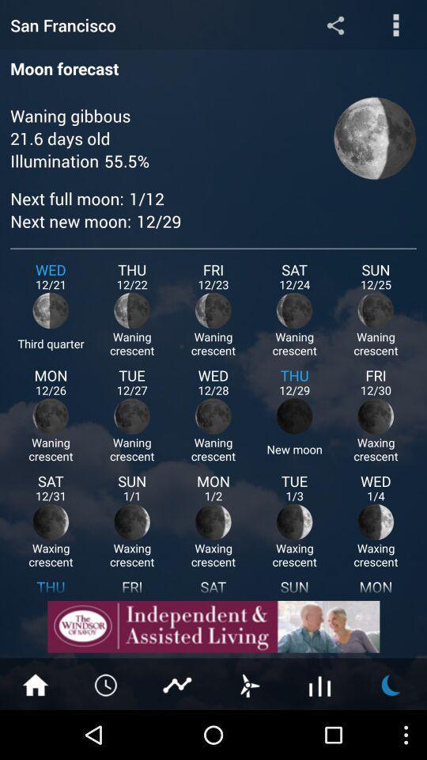  I want to click on share, so click(334, 24).